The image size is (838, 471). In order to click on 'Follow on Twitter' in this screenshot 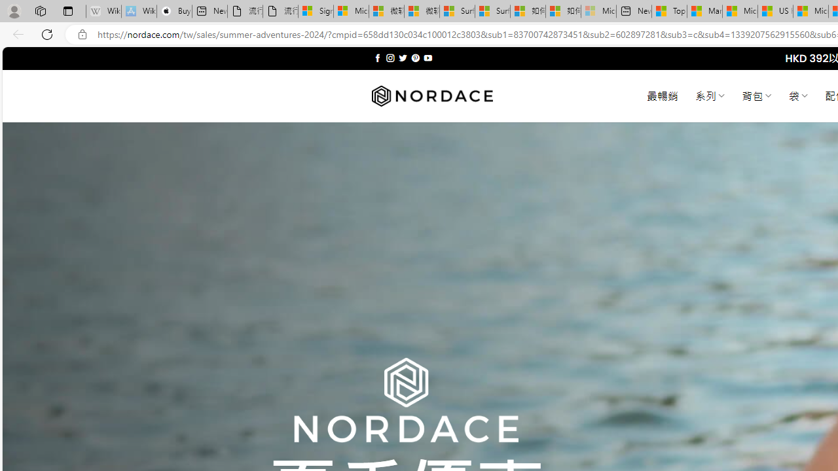, I will do `click(402, 58)`.